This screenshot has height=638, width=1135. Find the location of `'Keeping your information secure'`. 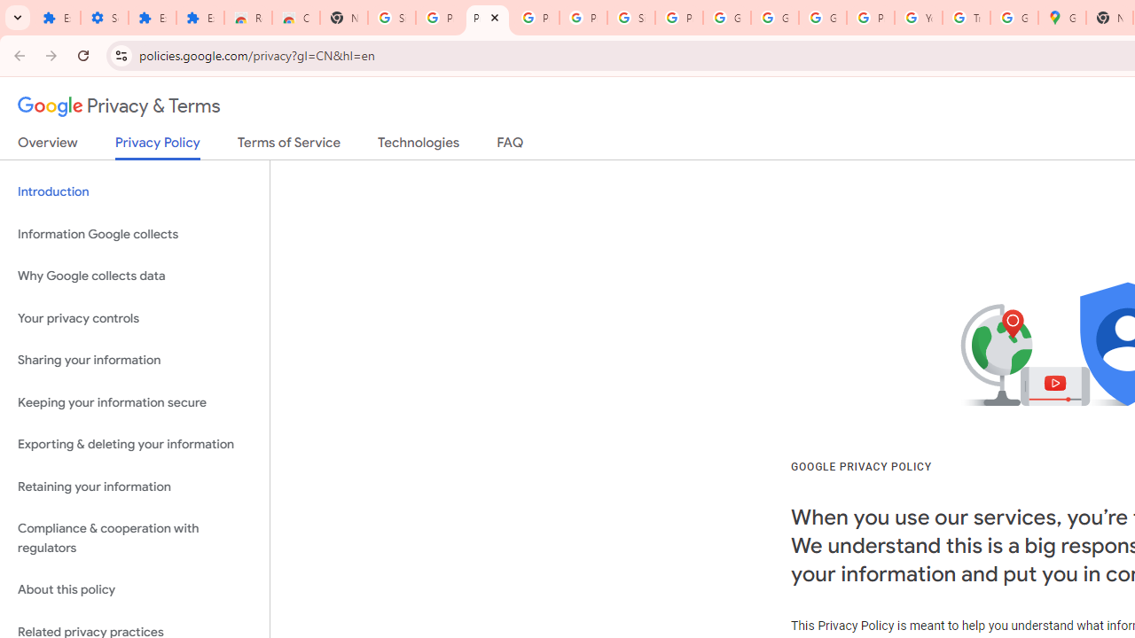

'Keeping your information secure' is located at coordinates (134, 402).